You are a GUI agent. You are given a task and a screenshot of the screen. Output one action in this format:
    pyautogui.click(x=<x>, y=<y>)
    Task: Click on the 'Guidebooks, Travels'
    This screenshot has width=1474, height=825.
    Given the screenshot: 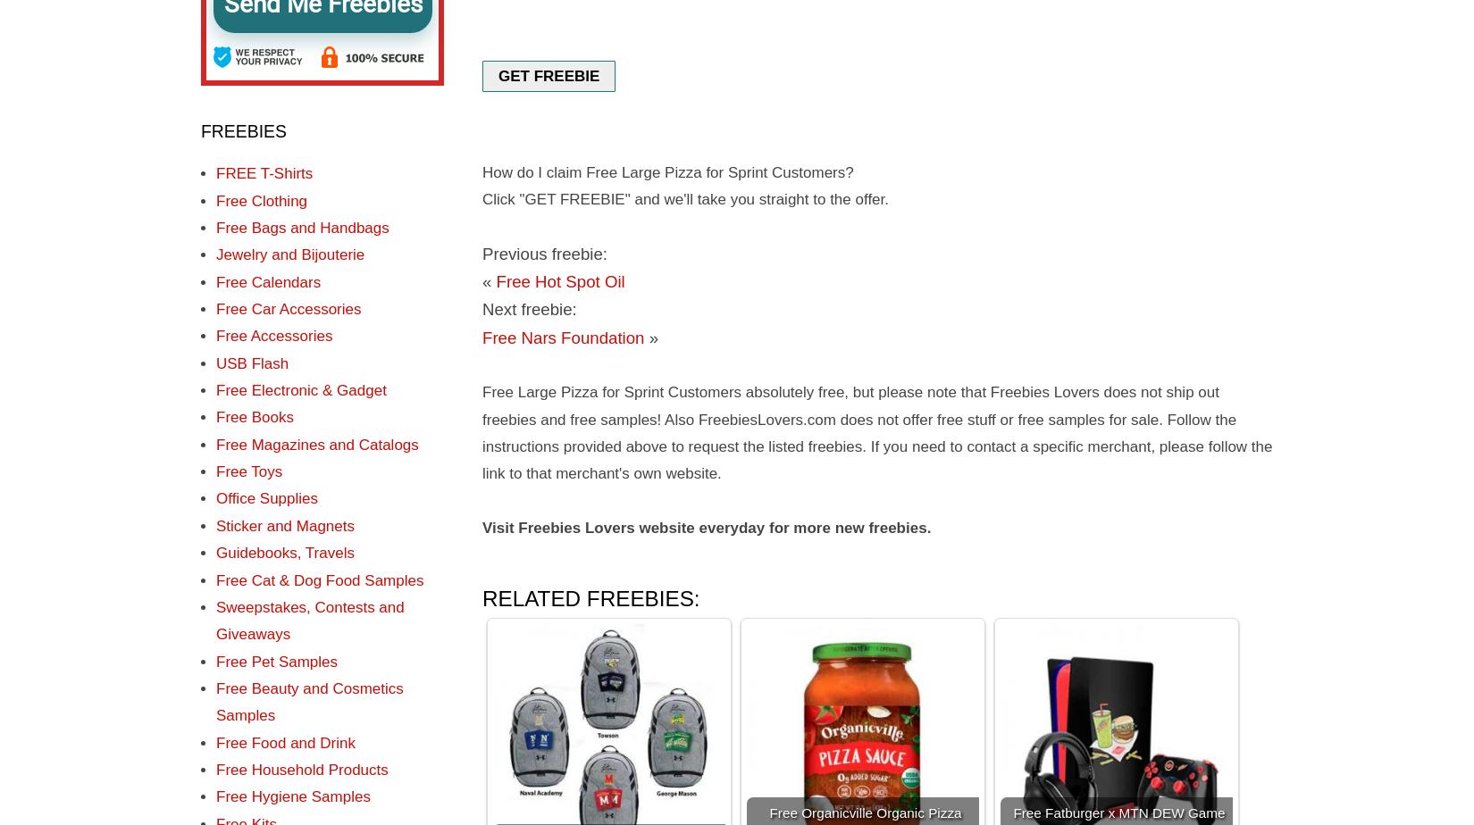 What is the action you would take?
    pyautogui.click(x=284, y=553)
    